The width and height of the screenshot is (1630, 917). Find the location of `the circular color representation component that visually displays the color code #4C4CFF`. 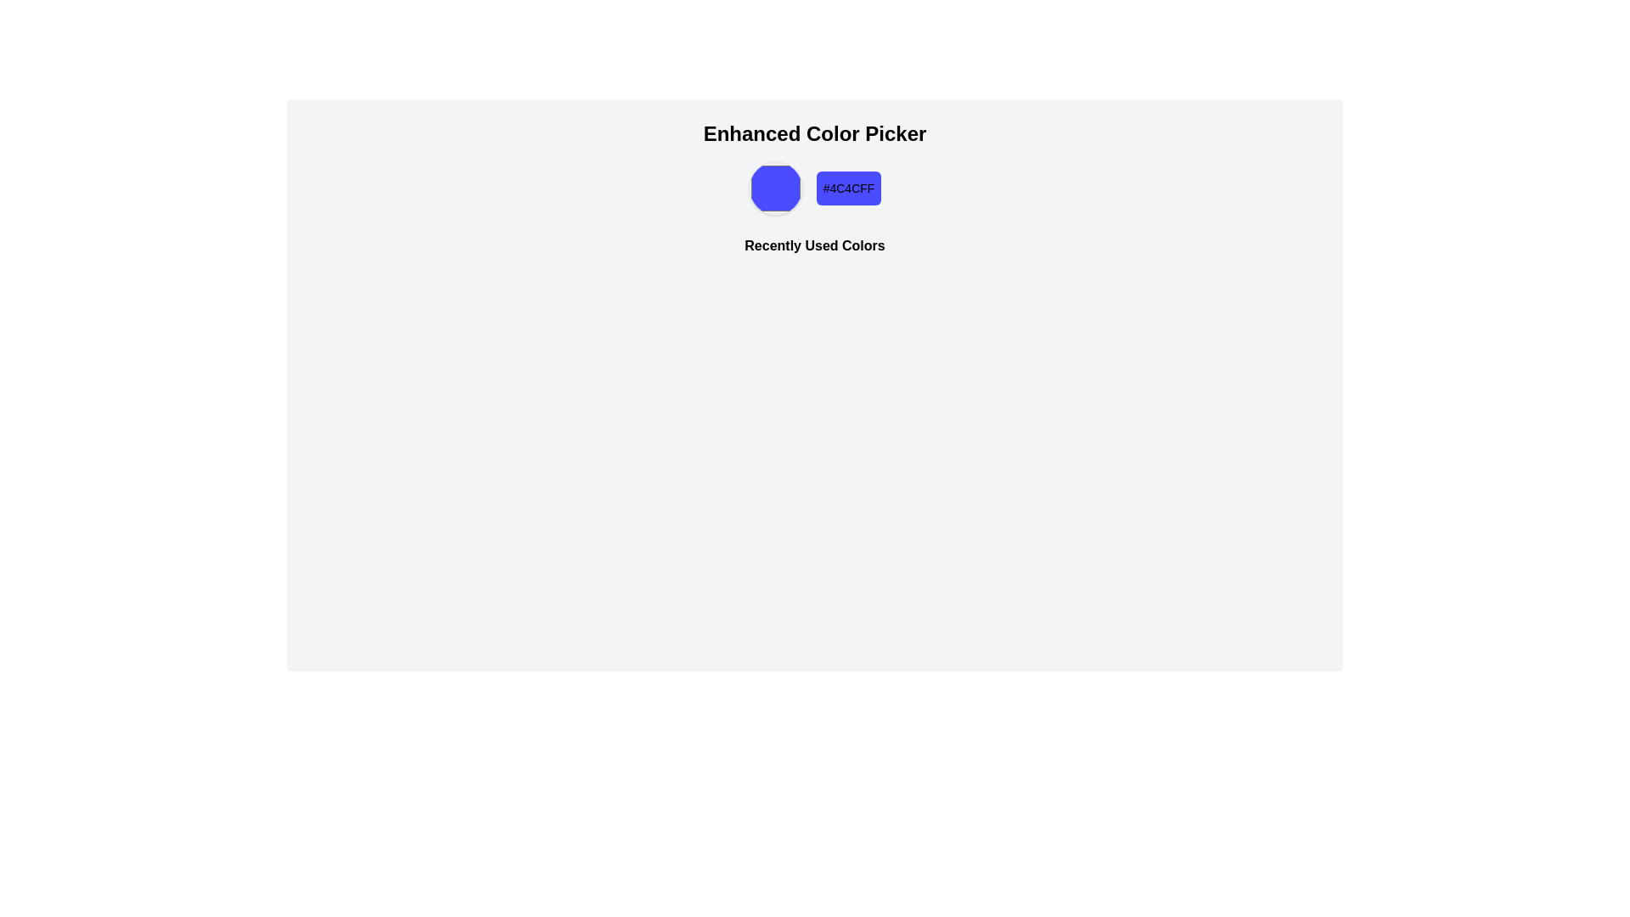

the circular color representation component that visually displays the color code #4C4CFF is located at coordinates (774, 188).